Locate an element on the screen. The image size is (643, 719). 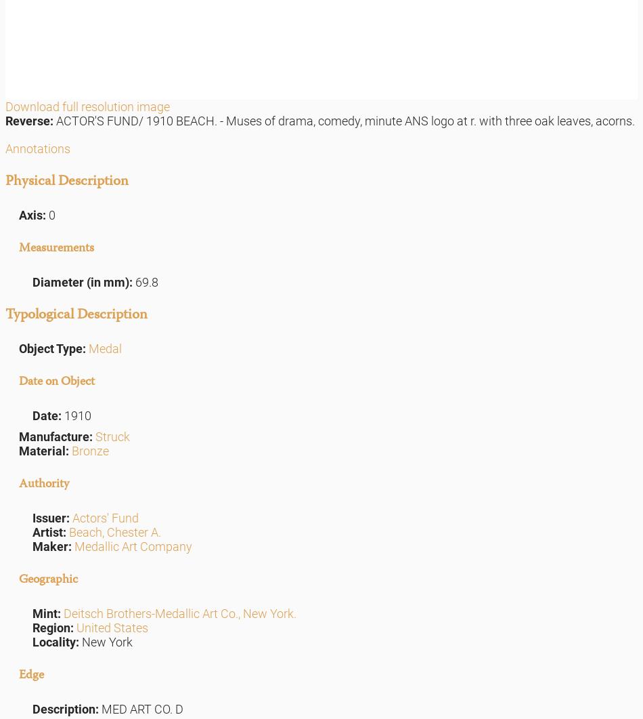
'Axis:' is located at coordinates (19, 214).